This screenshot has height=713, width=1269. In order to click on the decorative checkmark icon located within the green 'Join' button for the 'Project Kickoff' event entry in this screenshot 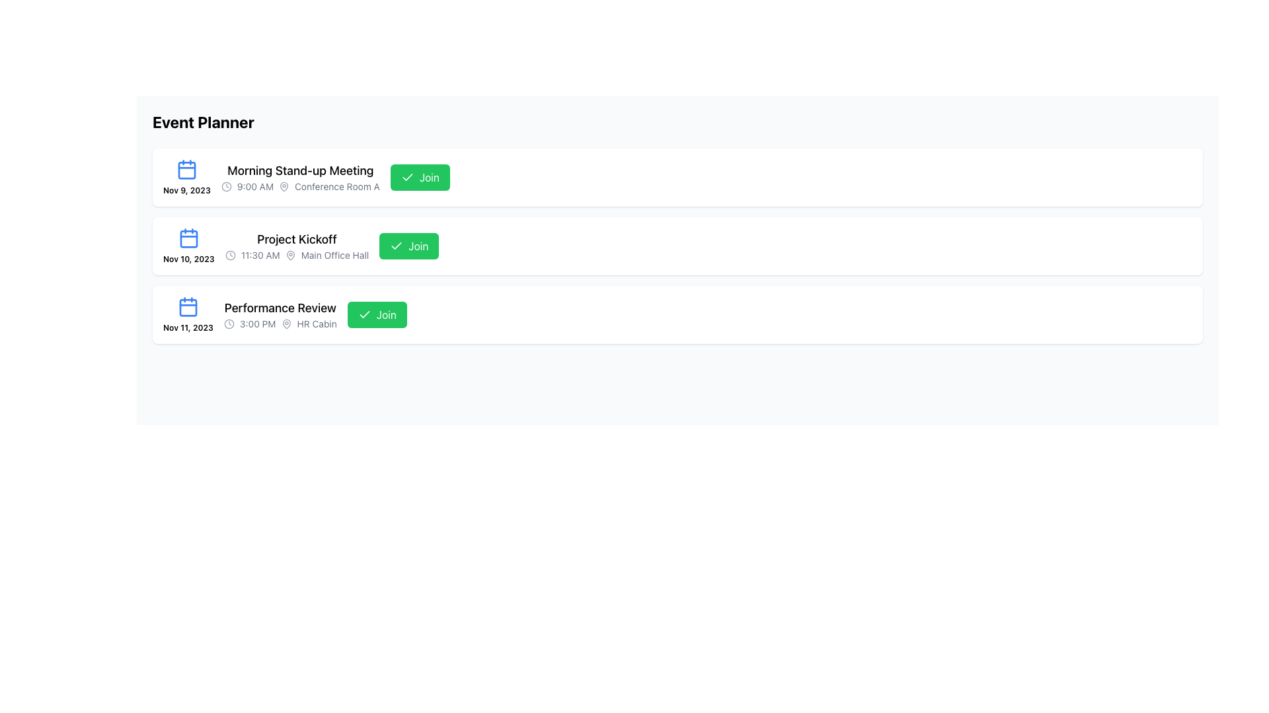, I will do `click(396, 246)`.